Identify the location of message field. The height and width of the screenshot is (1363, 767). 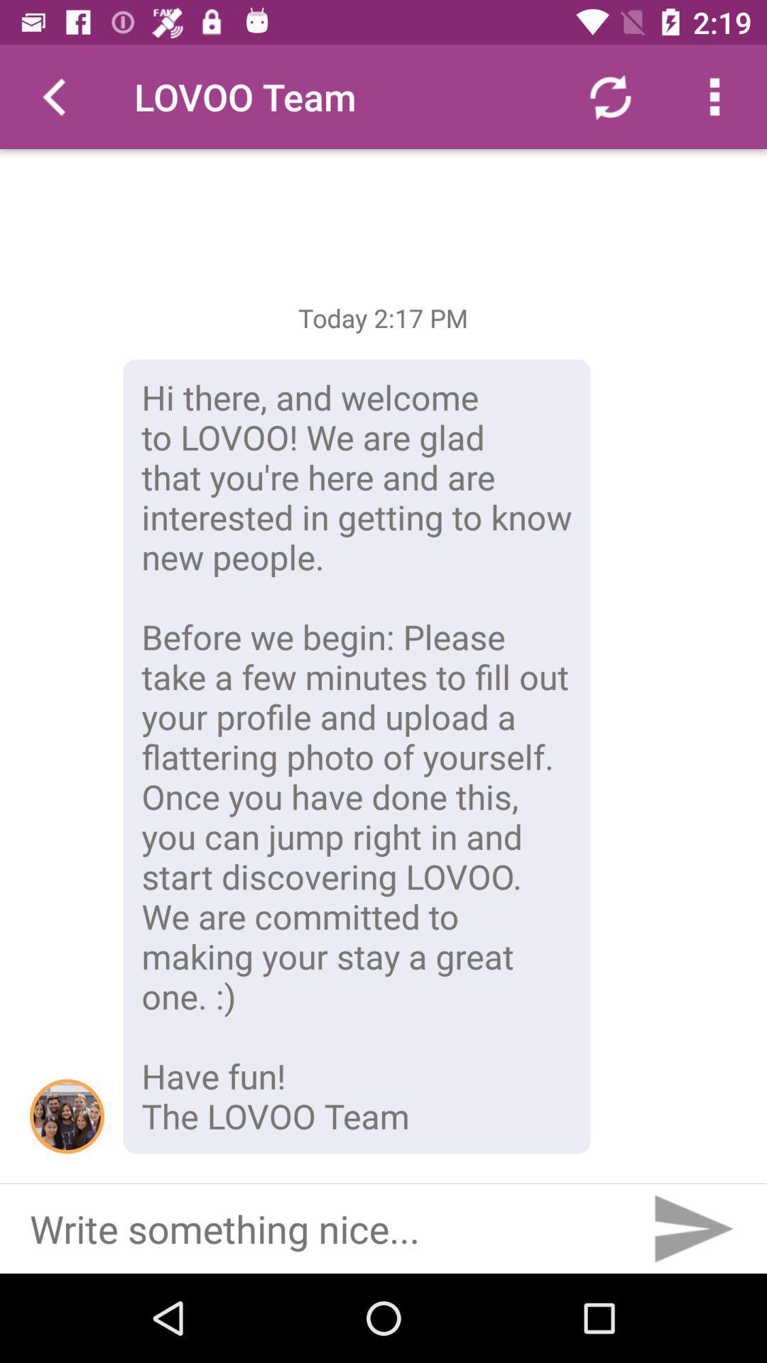
(318, 1228).